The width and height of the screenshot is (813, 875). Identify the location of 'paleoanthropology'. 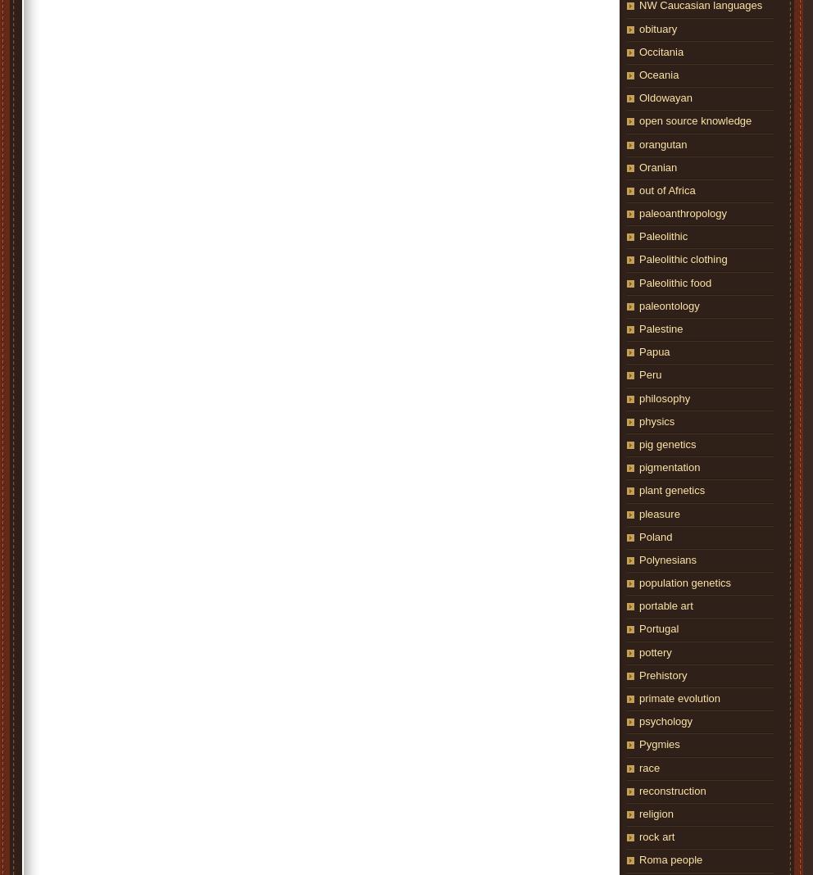
(681, 213).